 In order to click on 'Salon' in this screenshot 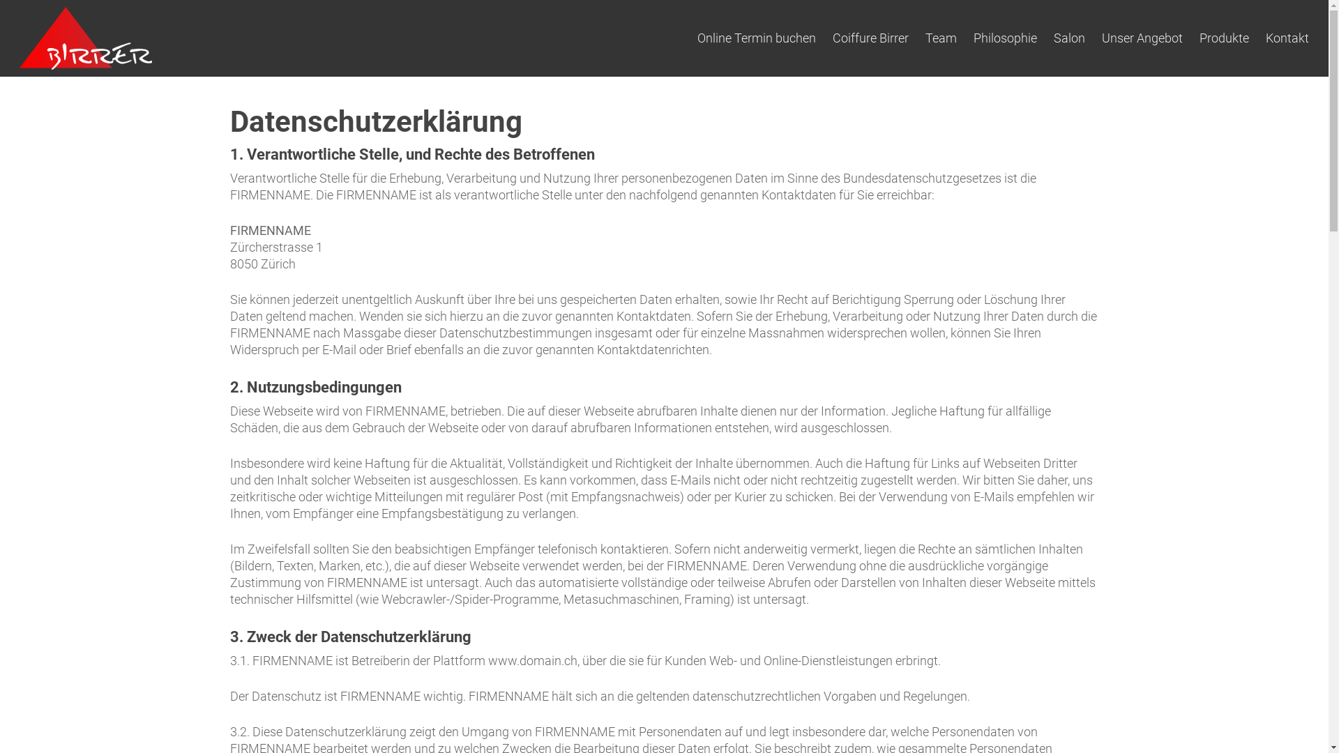, I will do `click(1054, 37)`.